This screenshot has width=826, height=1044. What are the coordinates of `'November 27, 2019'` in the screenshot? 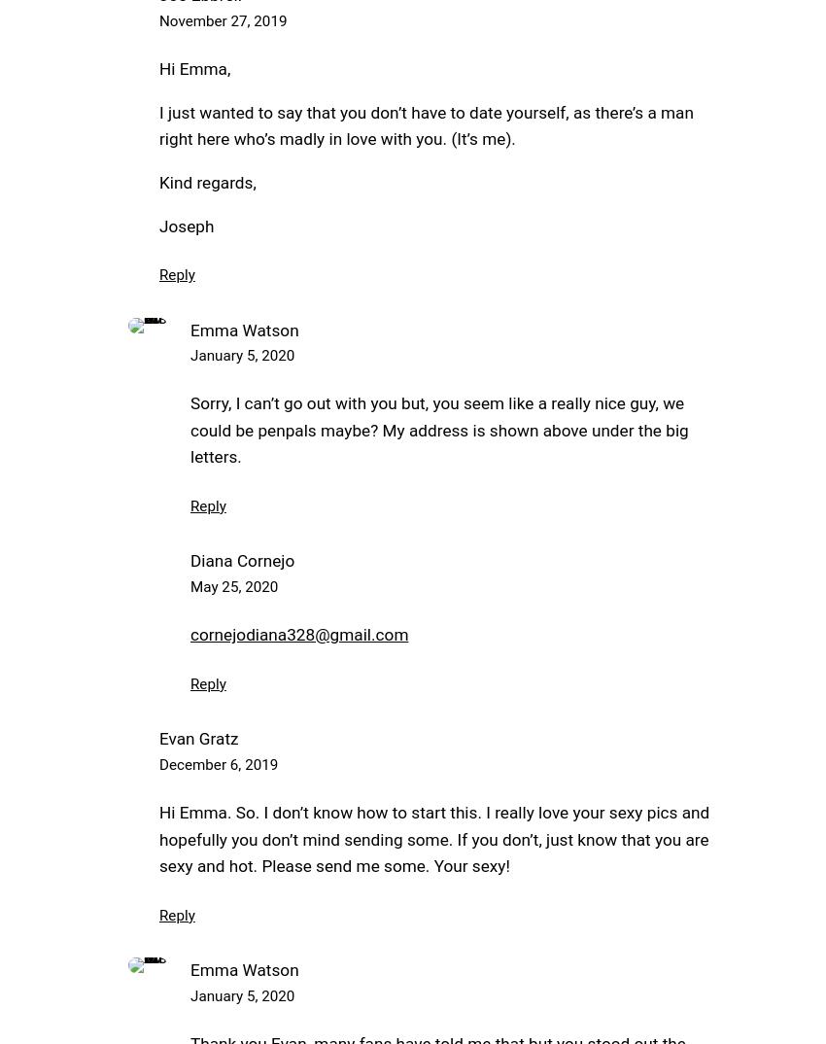 It's located at (223, 19).